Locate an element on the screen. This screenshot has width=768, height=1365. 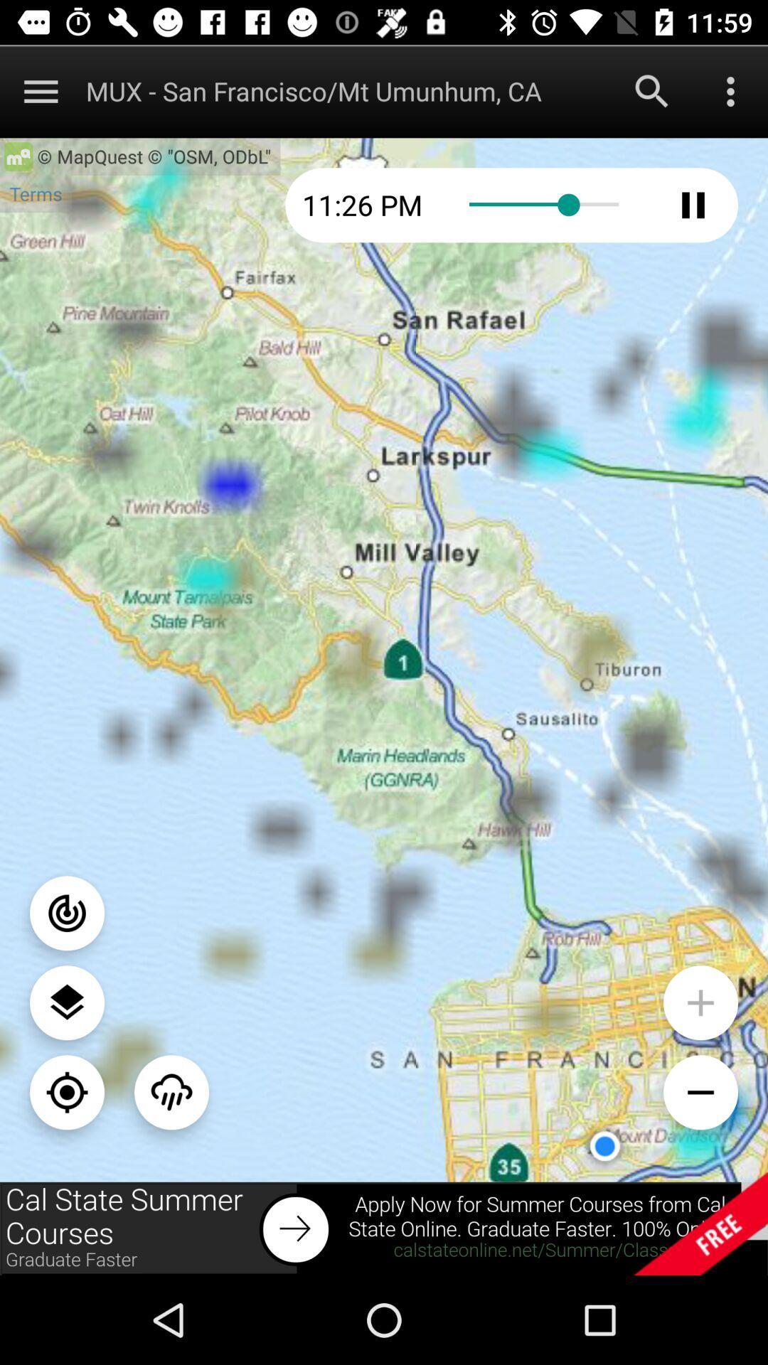
increase vision is located at coordinates (700, 1002).